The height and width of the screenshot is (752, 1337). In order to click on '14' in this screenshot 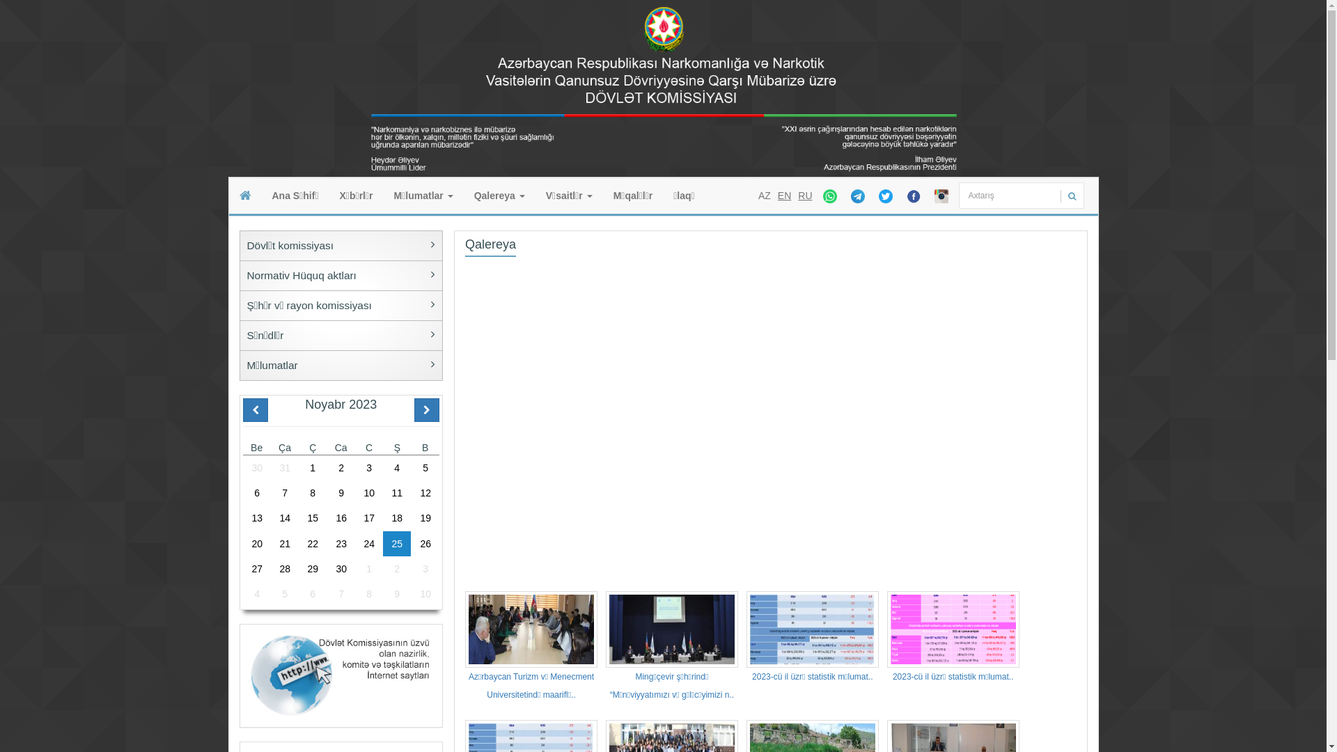, I will do `click(270, 518)`.